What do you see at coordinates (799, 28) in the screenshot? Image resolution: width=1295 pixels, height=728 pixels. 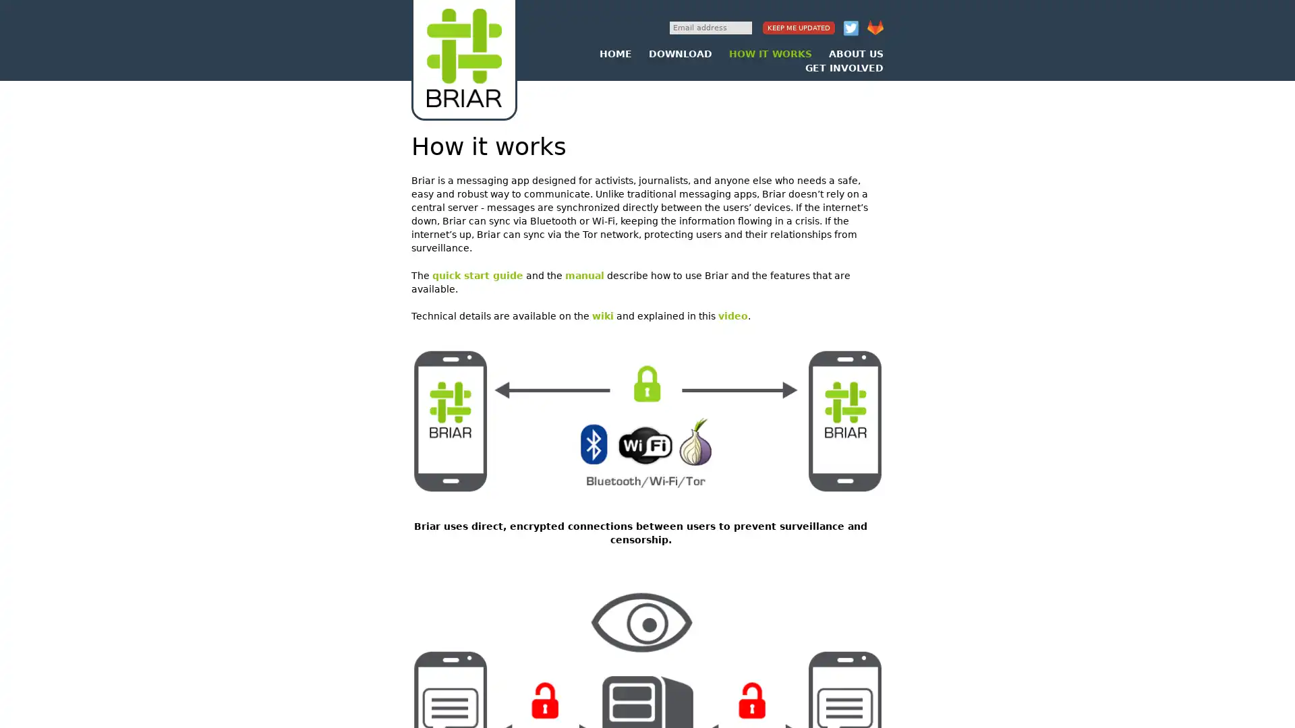 I see `KEEP ME UPDATED` at bounding box center [799, 28].